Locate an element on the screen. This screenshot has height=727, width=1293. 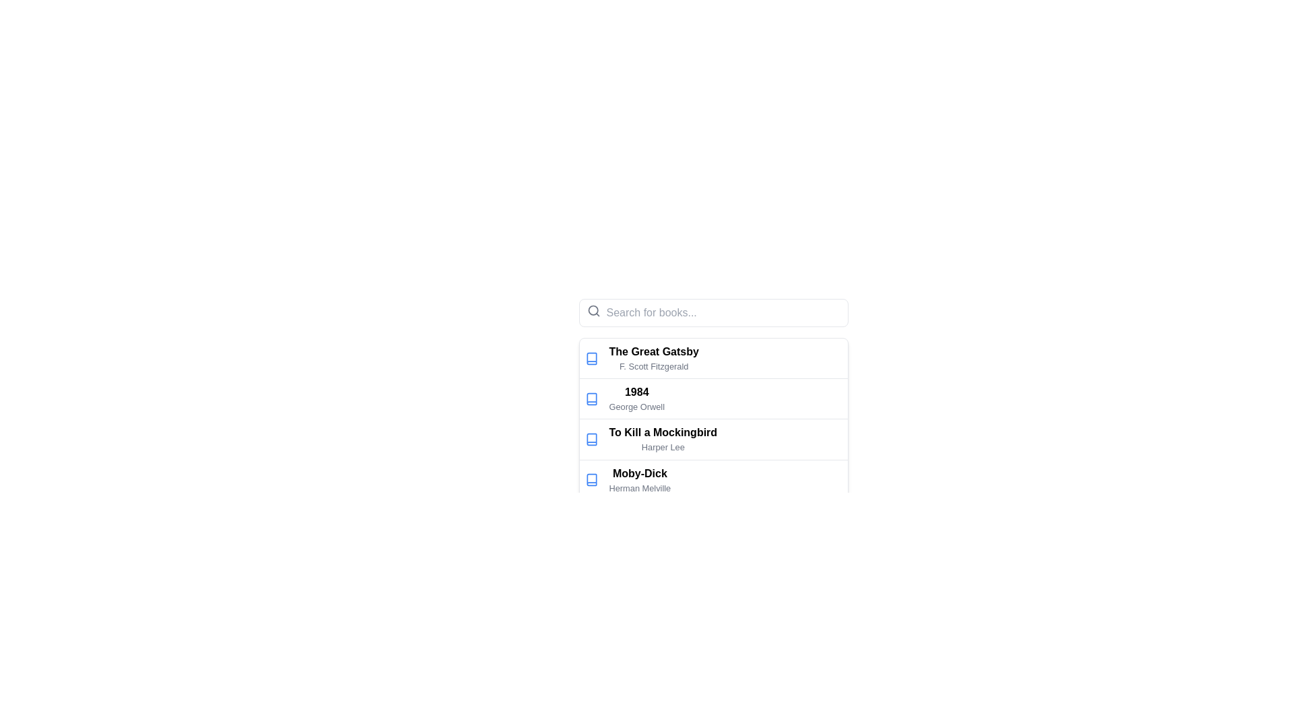
the list item presenting the book 'To Kill a Mockingbird' by 'Harper Lee', which features a blue book icon and is the third item in the vertical list is located at coordinates (712, 439).